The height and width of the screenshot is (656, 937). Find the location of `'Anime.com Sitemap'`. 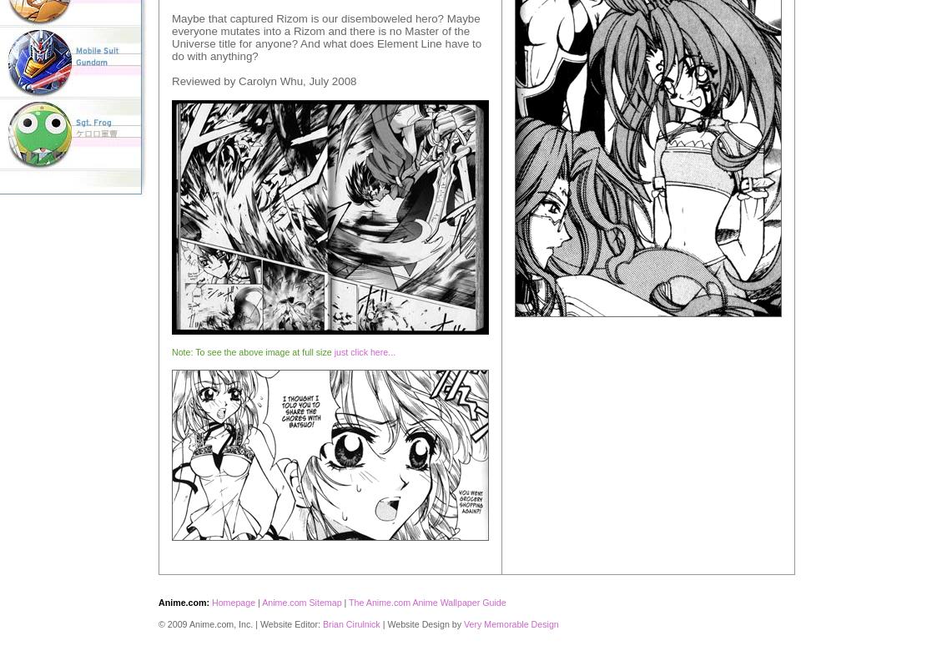

'Anime.com Sitemap' is located at coordinates (301, 601).